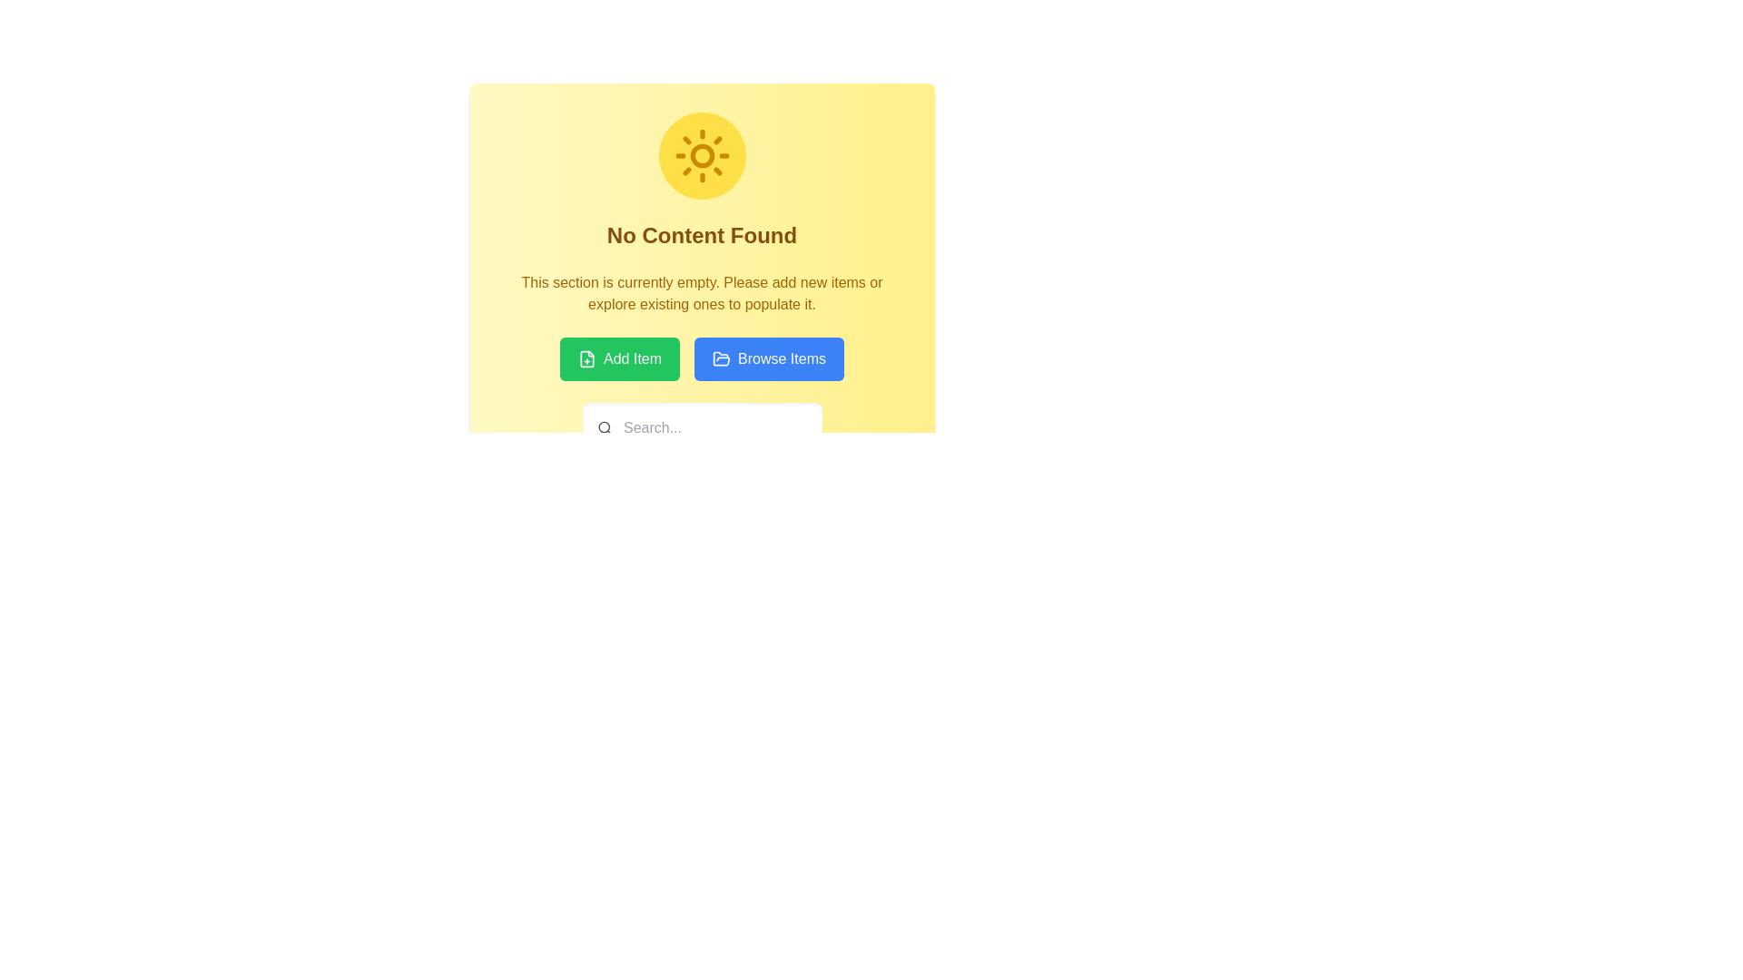 This screenshot has height=980, width=1743. I want to click on the circular sun icon located near the top center of the interface, which features a yellow shade and radiating lines, part of a section with a 'No Content Found' message, so click(701, 155).